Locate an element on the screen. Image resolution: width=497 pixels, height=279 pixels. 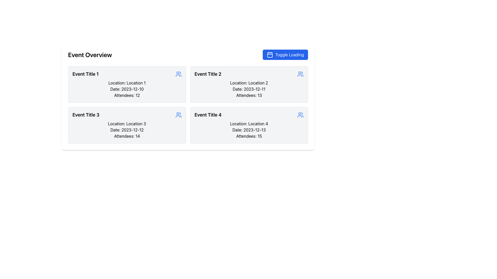
contents of the Static Text Label displaying the date '2023-12-12' located in the third event card titled 'Event Title 3', positioned below 'Location: Location 3' and above 'Attendees: 14' is located at coordinates (127, 129).